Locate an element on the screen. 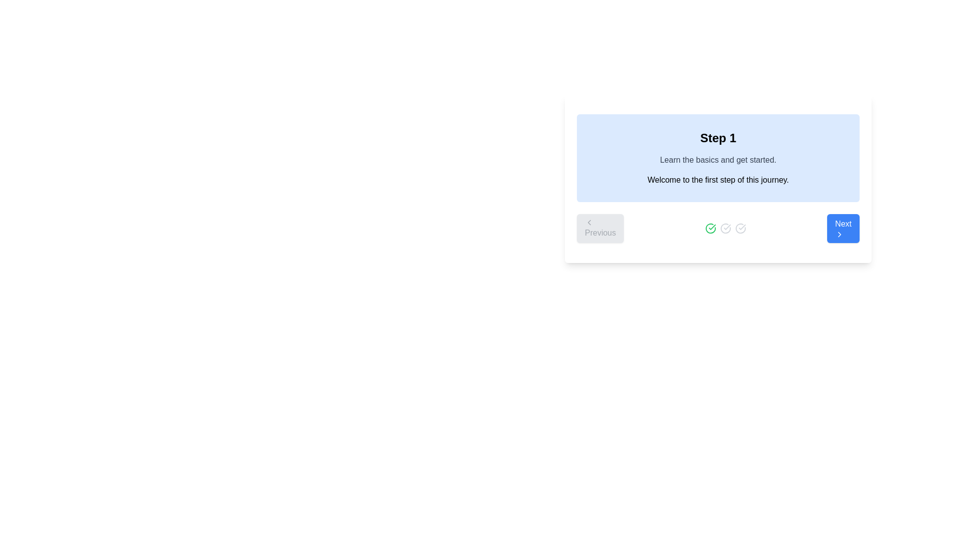  the Informational box with a light blue background that contains the text 'Step 1', 'Learn the basics and get started.', and 'Welcome to the first step of this journey.' is located at coordinates (718, 157).